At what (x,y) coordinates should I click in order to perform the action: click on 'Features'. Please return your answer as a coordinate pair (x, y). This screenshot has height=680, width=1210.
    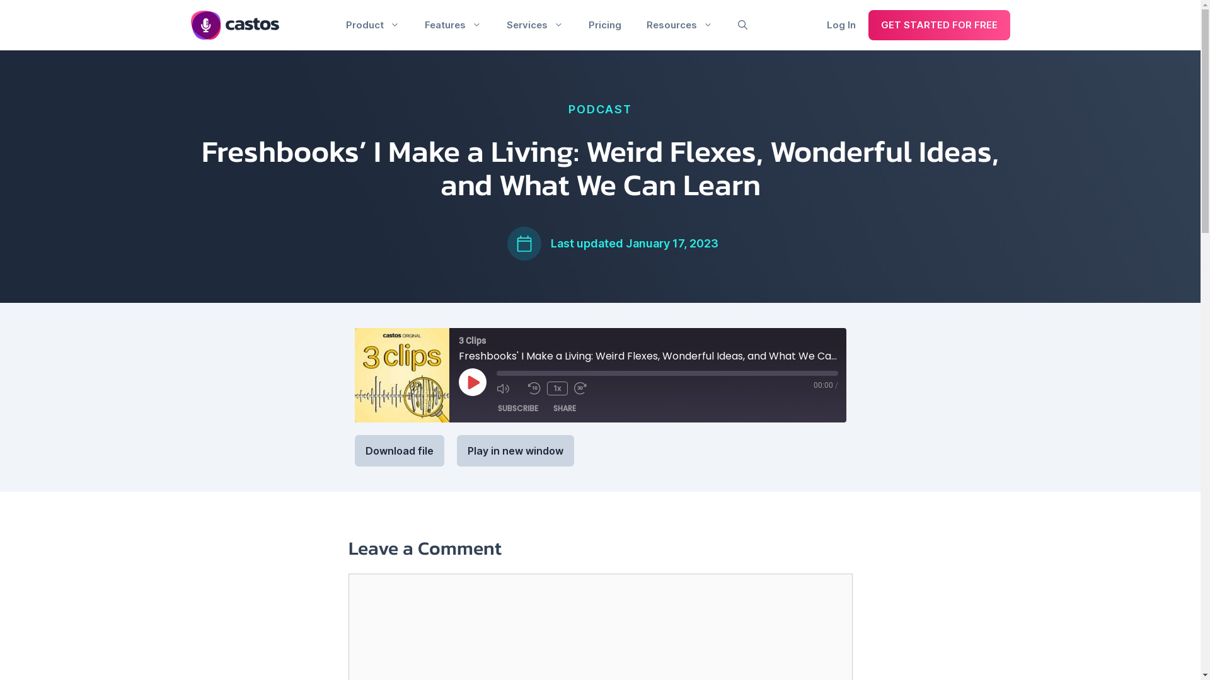
    Looking at the image, I should click on (453, 25).